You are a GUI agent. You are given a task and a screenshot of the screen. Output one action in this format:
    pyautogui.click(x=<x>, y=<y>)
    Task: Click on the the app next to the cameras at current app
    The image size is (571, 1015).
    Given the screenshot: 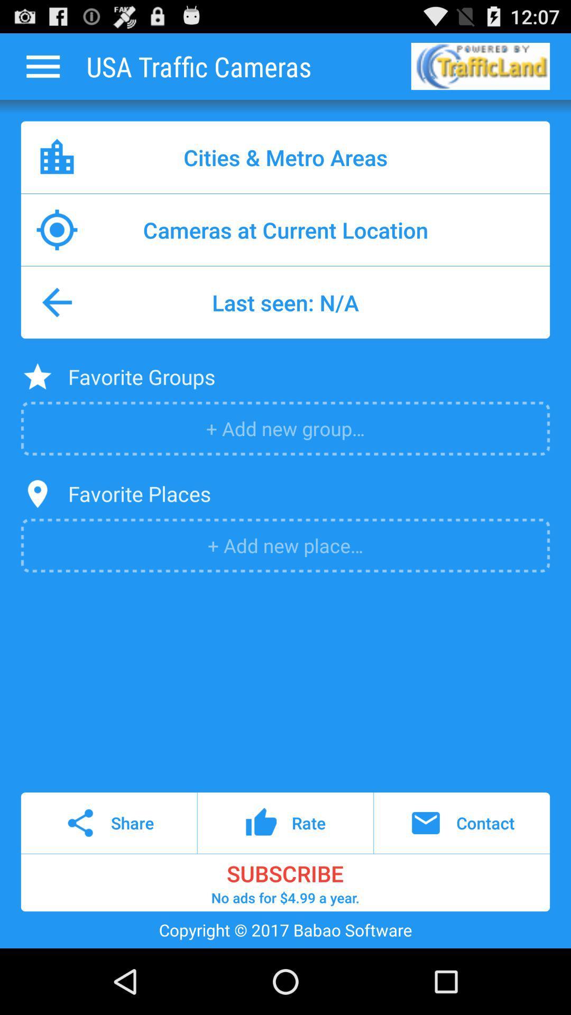 What is the action you would take?
    pyautogui.click(x=57, y=229)
    